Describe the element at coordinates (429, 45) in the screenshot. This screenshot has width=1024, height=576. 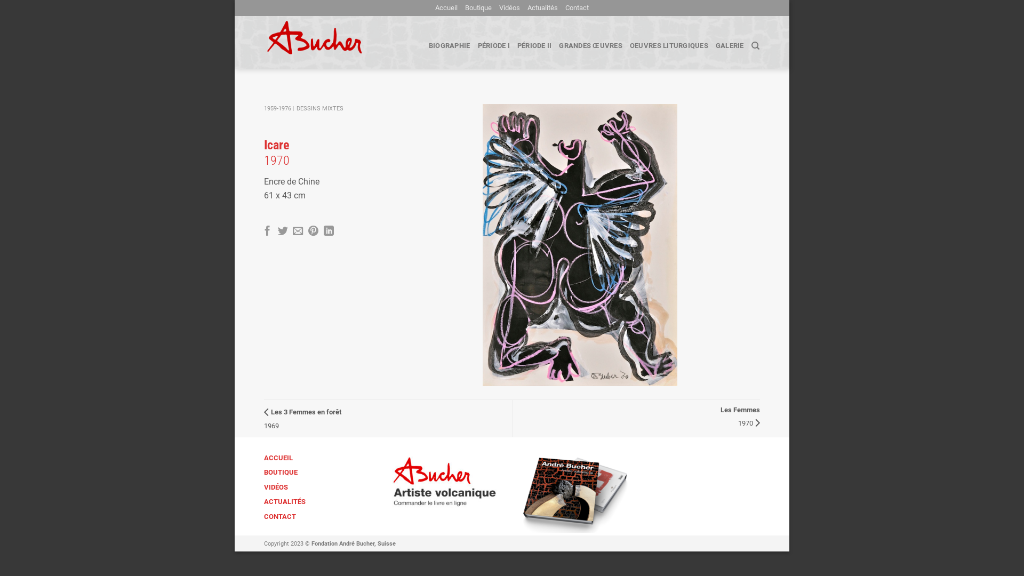
I see `'BIOGRAPHIE'` at that location.